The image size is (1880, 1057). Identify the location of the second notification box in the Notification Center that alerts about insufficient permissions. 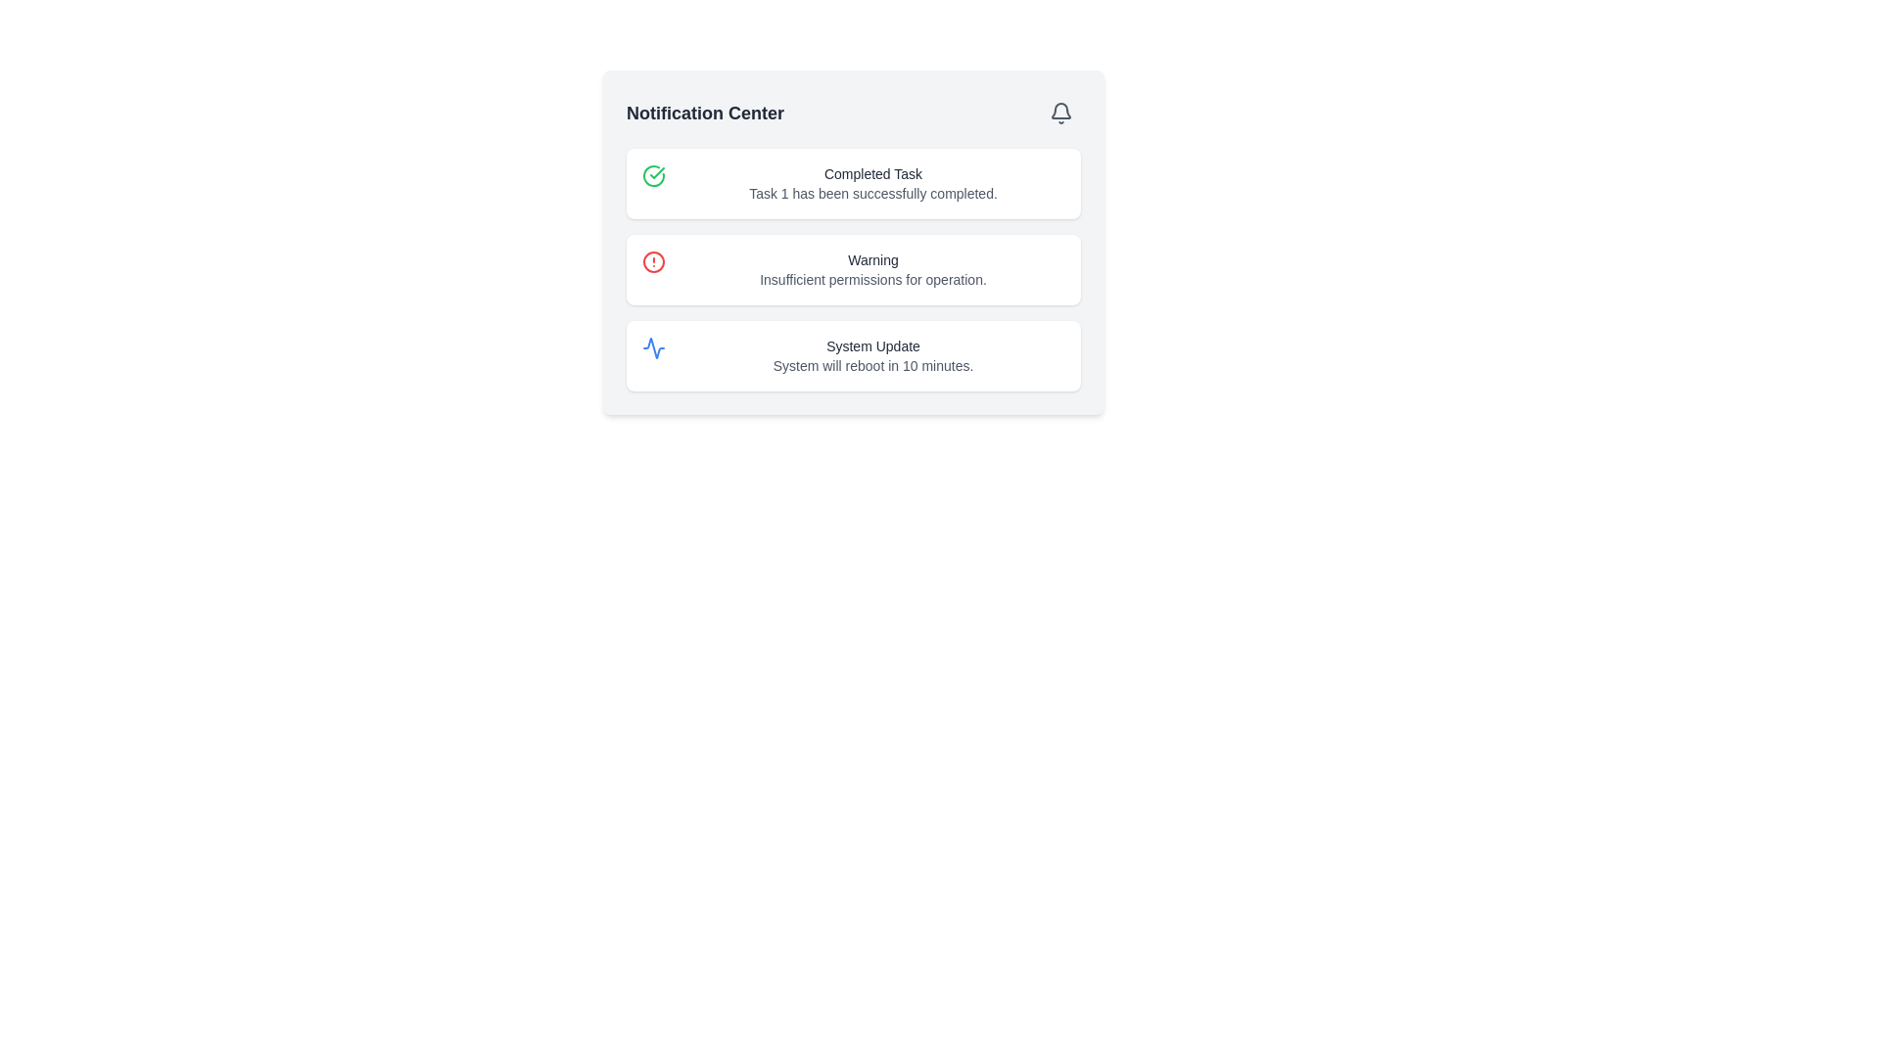
(854, 270).